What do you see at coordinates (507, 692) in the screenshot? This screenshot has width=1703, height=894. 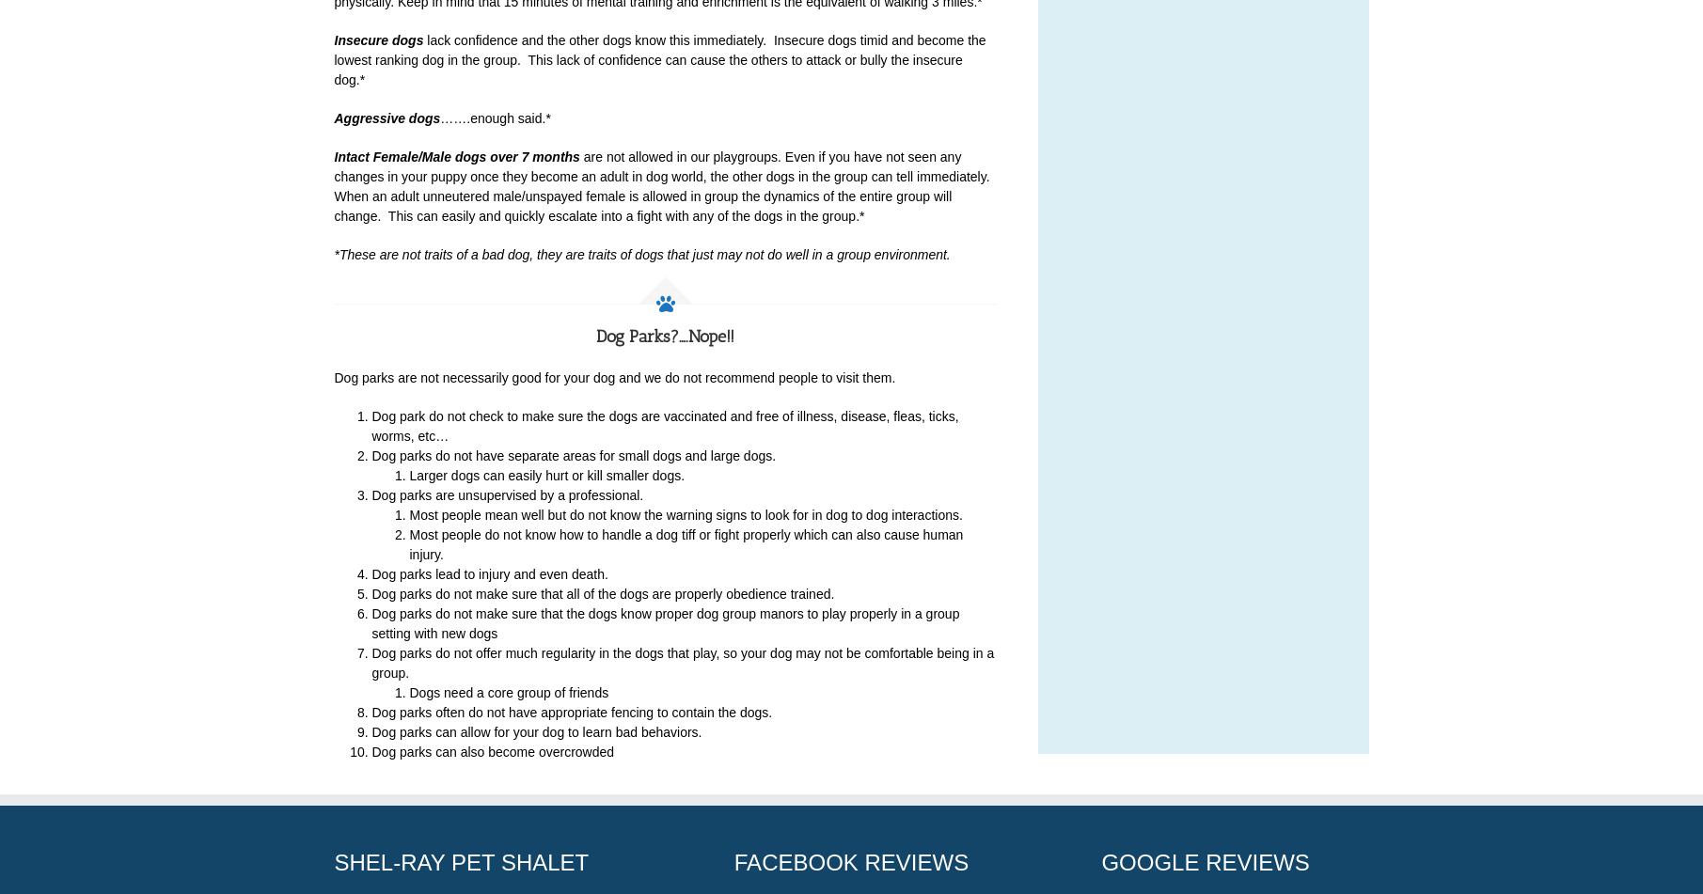 I see `'Dogs need a core group of friends'` at bounding box center [507, 692].